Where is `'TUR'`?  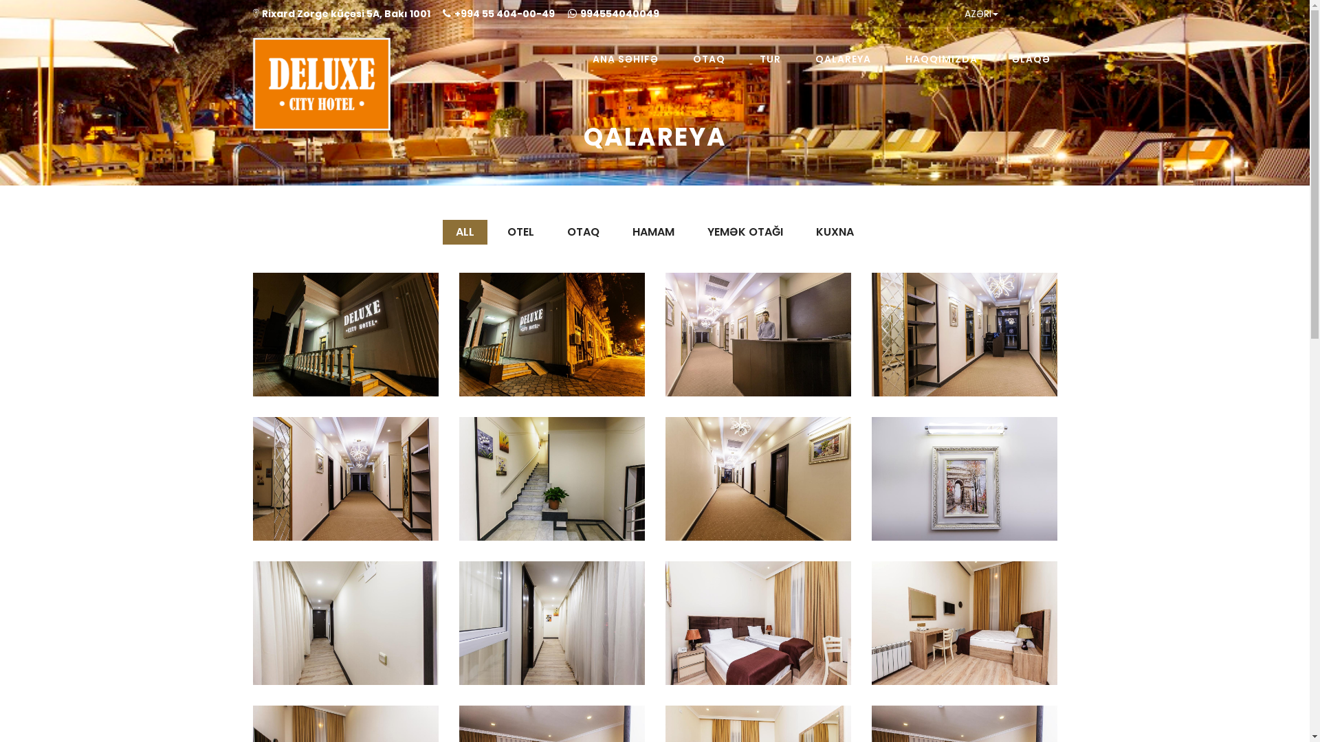 'TUR' is located at coordinates (769, 58).